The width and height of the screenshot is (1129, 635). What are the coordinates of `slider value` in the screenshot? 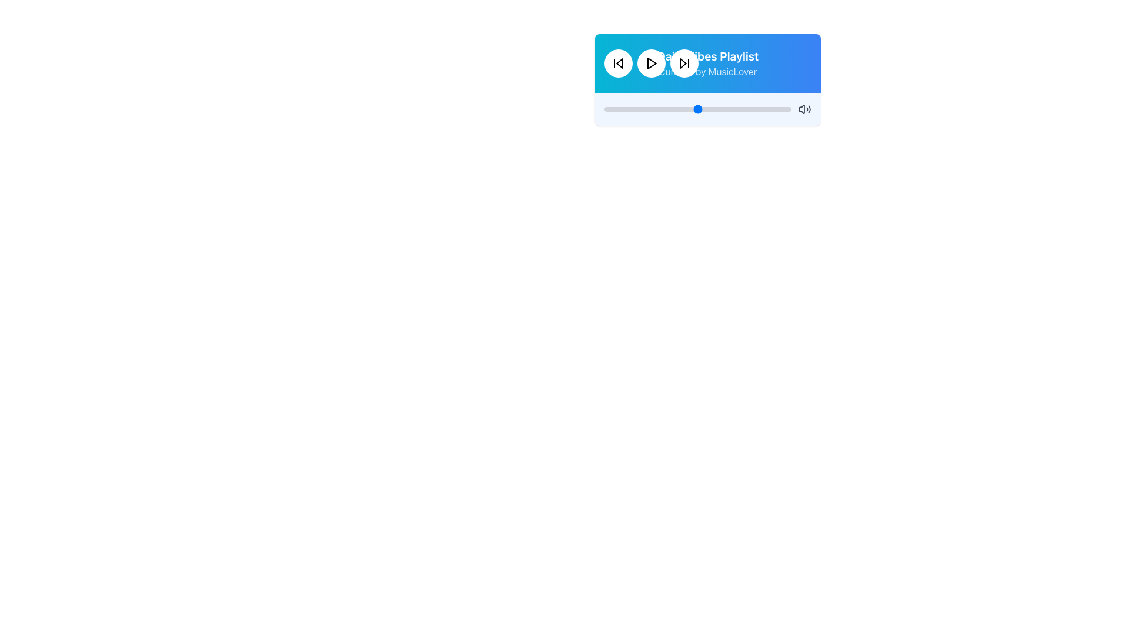 It's located at (643, 109).